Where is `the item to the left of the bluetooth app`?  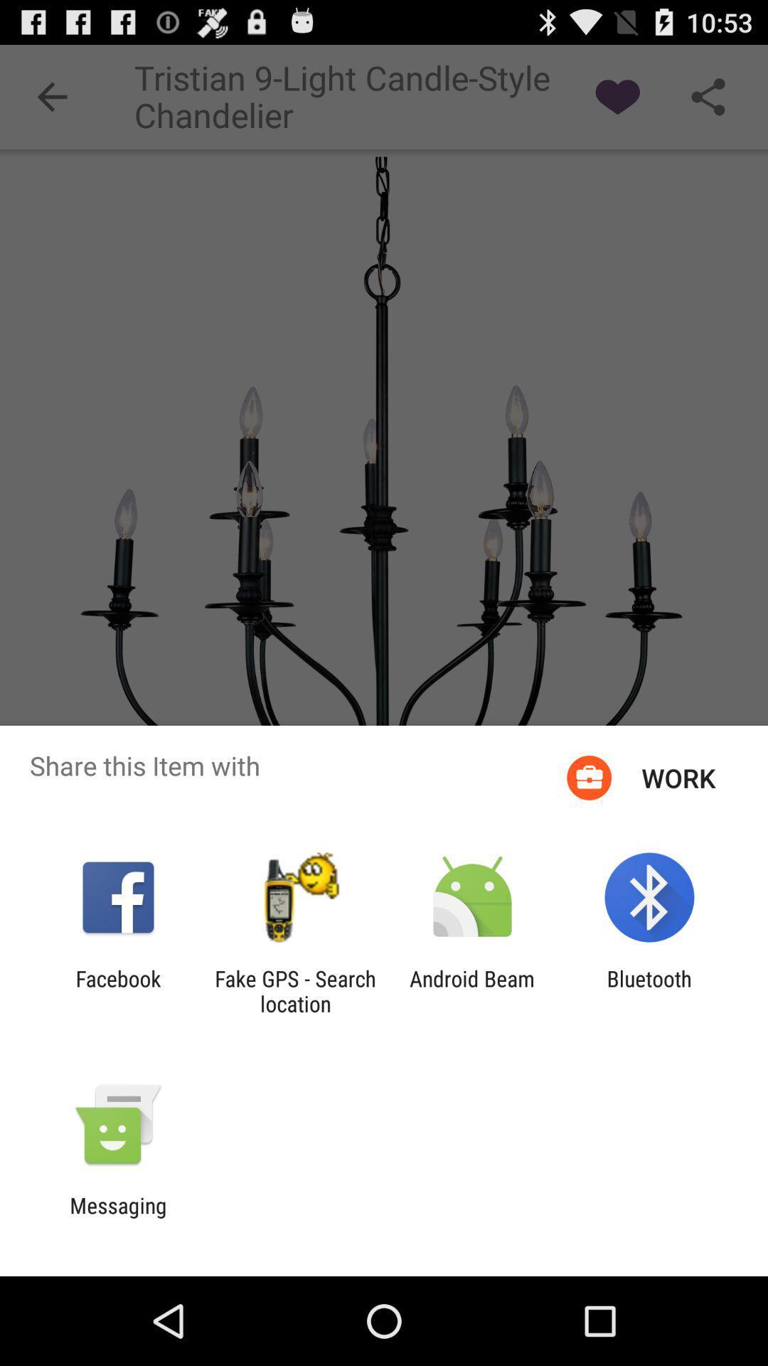 the item to the left of the bluetooth app is located at coordinates (472, 990).